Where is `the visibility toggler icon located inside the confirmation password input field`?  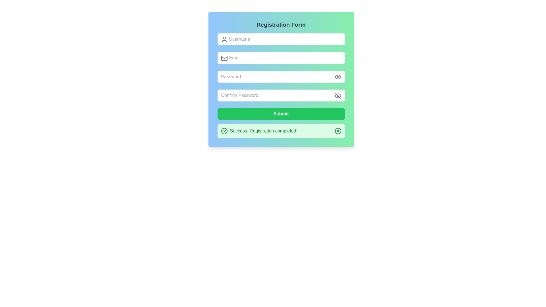
the visibility toggler icon located inside the confirmation password input field is located at coordinates (338, 95).